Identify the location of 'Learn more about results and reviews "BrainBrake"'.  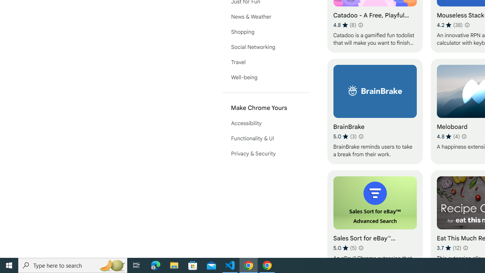
(360, 136).